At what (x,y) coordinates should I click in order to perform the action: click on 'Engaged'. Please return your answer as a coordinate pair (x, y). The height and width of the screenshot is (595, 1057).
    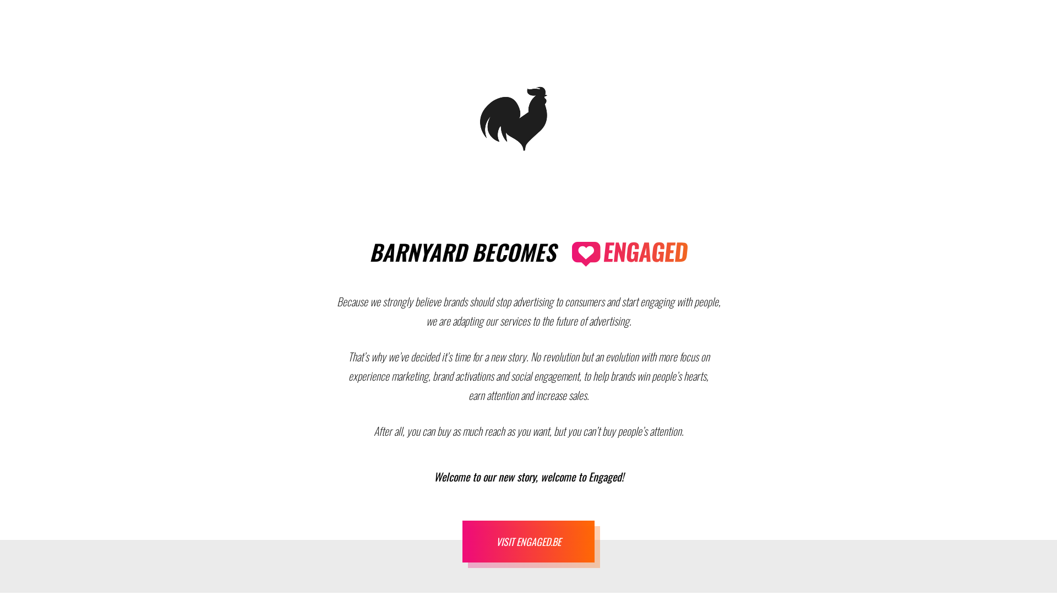
    Looking at the image, I should click on (571, 254).